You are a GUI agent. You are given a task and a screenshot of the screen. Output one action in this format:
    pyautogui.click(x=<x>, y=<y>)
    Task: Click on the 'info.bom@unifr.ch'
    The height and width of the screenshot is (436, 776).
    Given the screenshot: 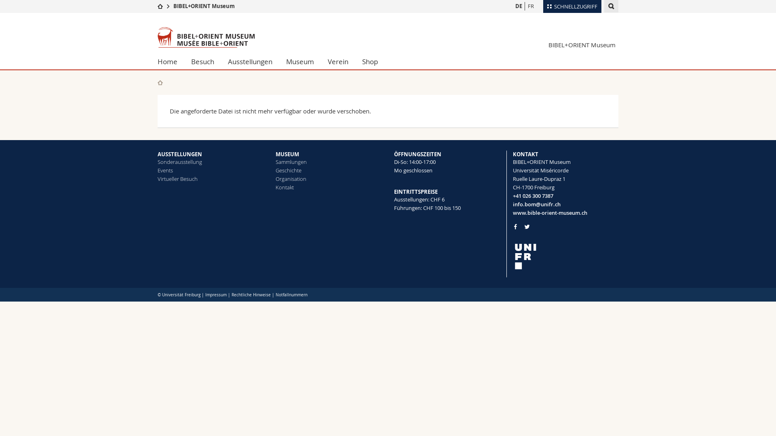 What is the action you would take?
    pyautogui.click(x=565, y=204)
    